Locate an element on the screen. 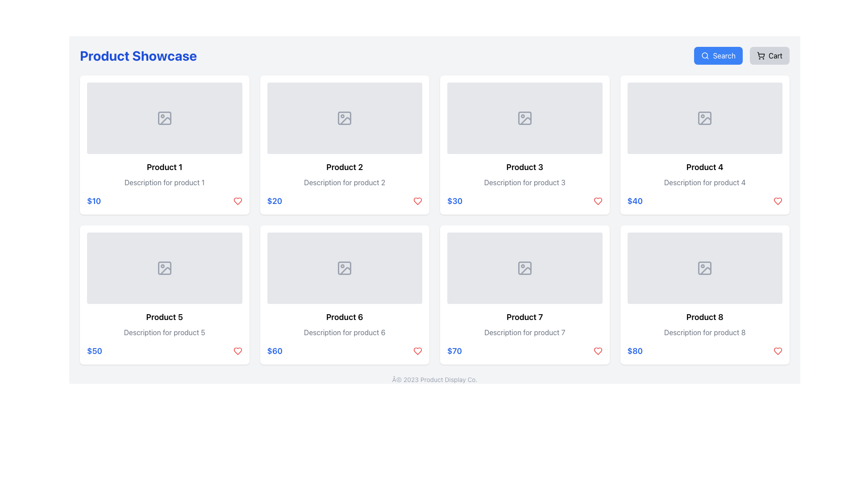 The width and height of the screenshot is (857, 482). the text label providing a description for 'Product 5', located in the second row, first column of the product grid layout is located at coordinates (164, 332).